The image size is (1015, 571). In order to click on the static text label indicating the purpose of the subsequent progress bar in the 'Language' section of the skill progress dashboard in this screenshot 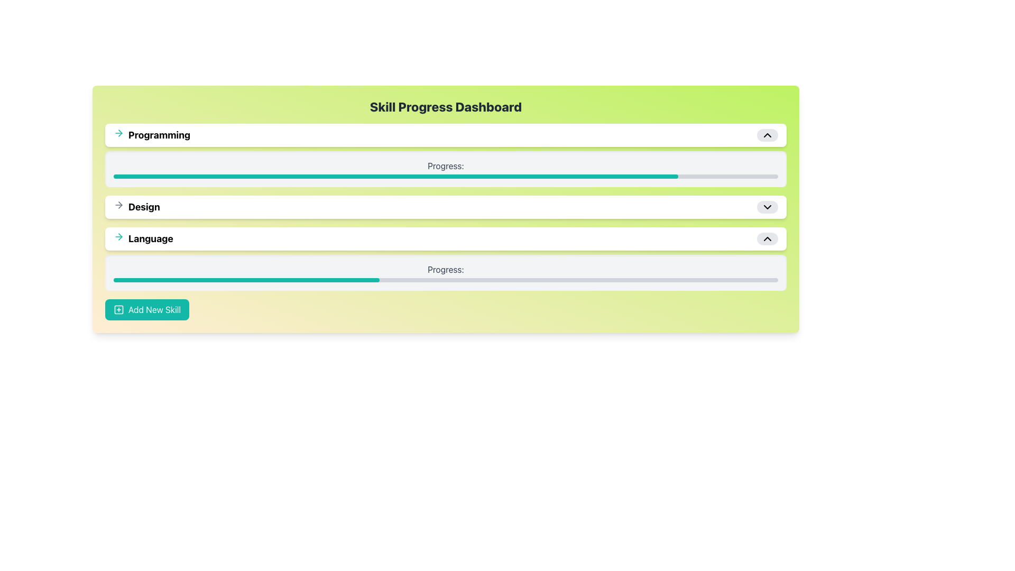, I will do `click(446, 269)`.